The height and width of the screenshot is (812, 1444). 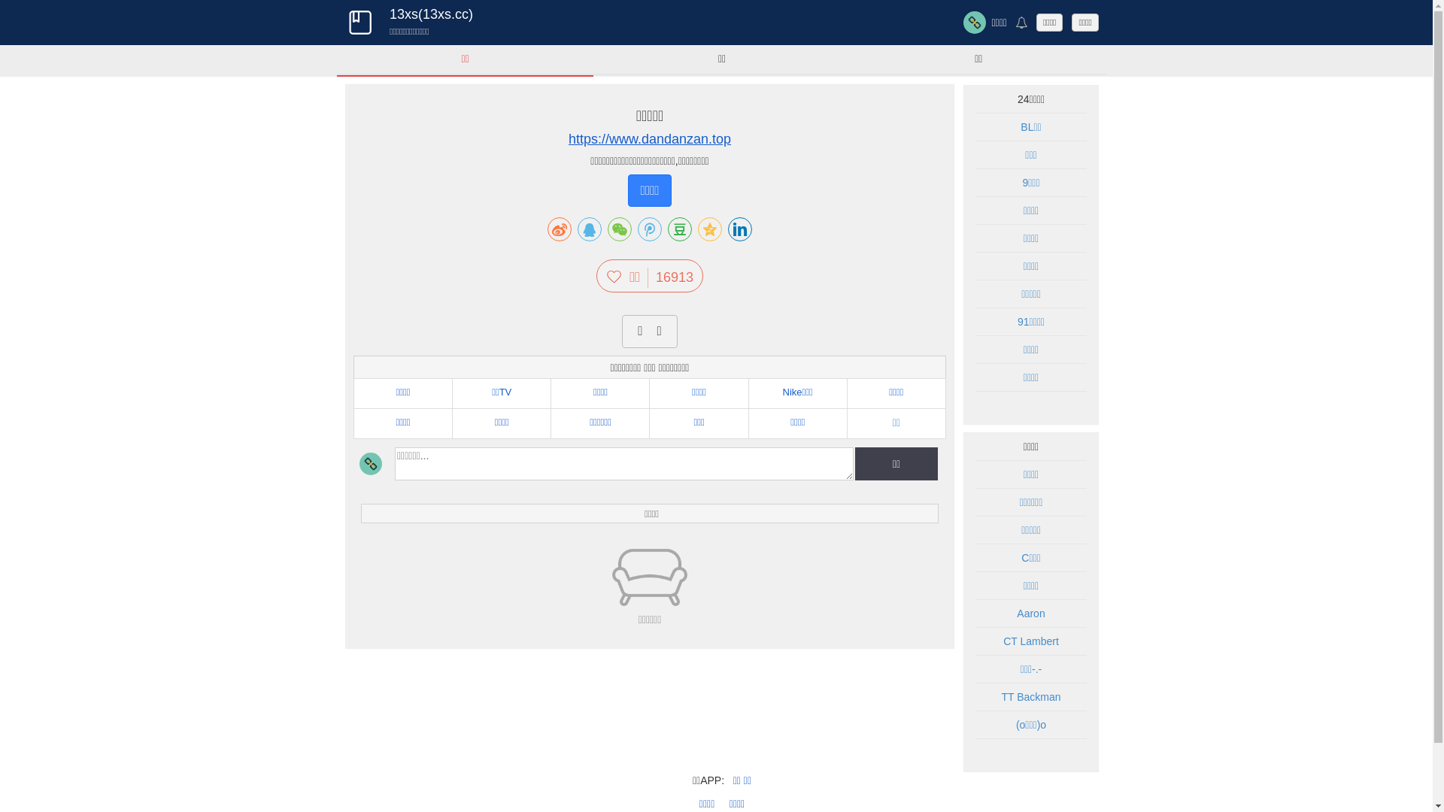 I want to click on '13xs(13xs.cc)', so click(x=359, y=23).